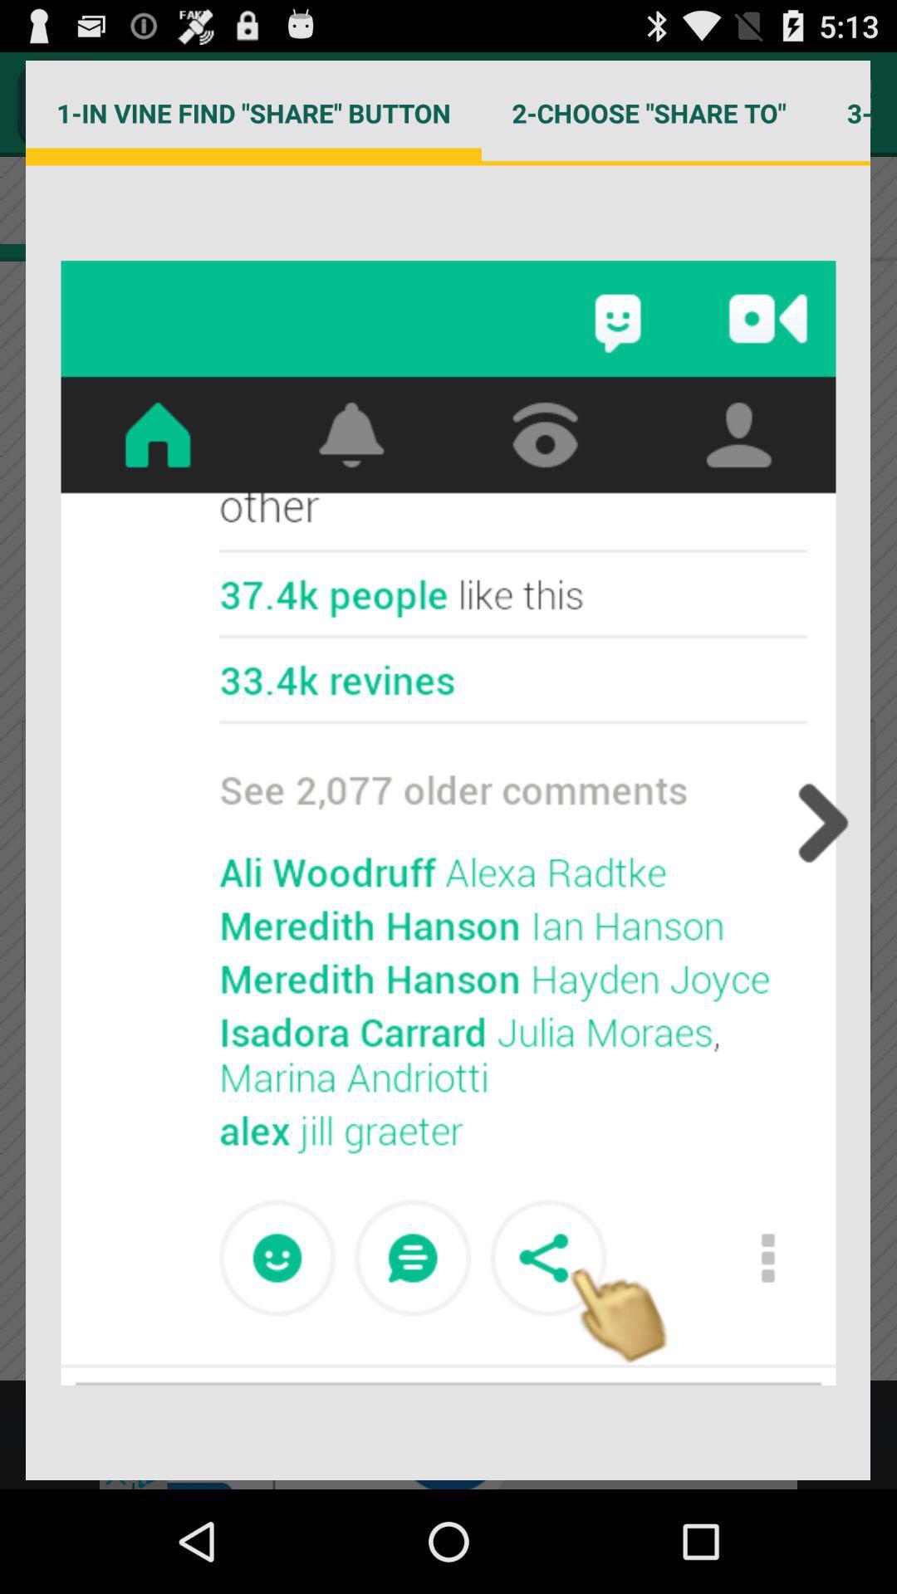 Image resolution: width=897 pixels, height=1594 pixels. Describe the element at coordinates (648, 112) in the screenshot. I see `the app to the left of the 3-choose vdownloadr app` at that location.